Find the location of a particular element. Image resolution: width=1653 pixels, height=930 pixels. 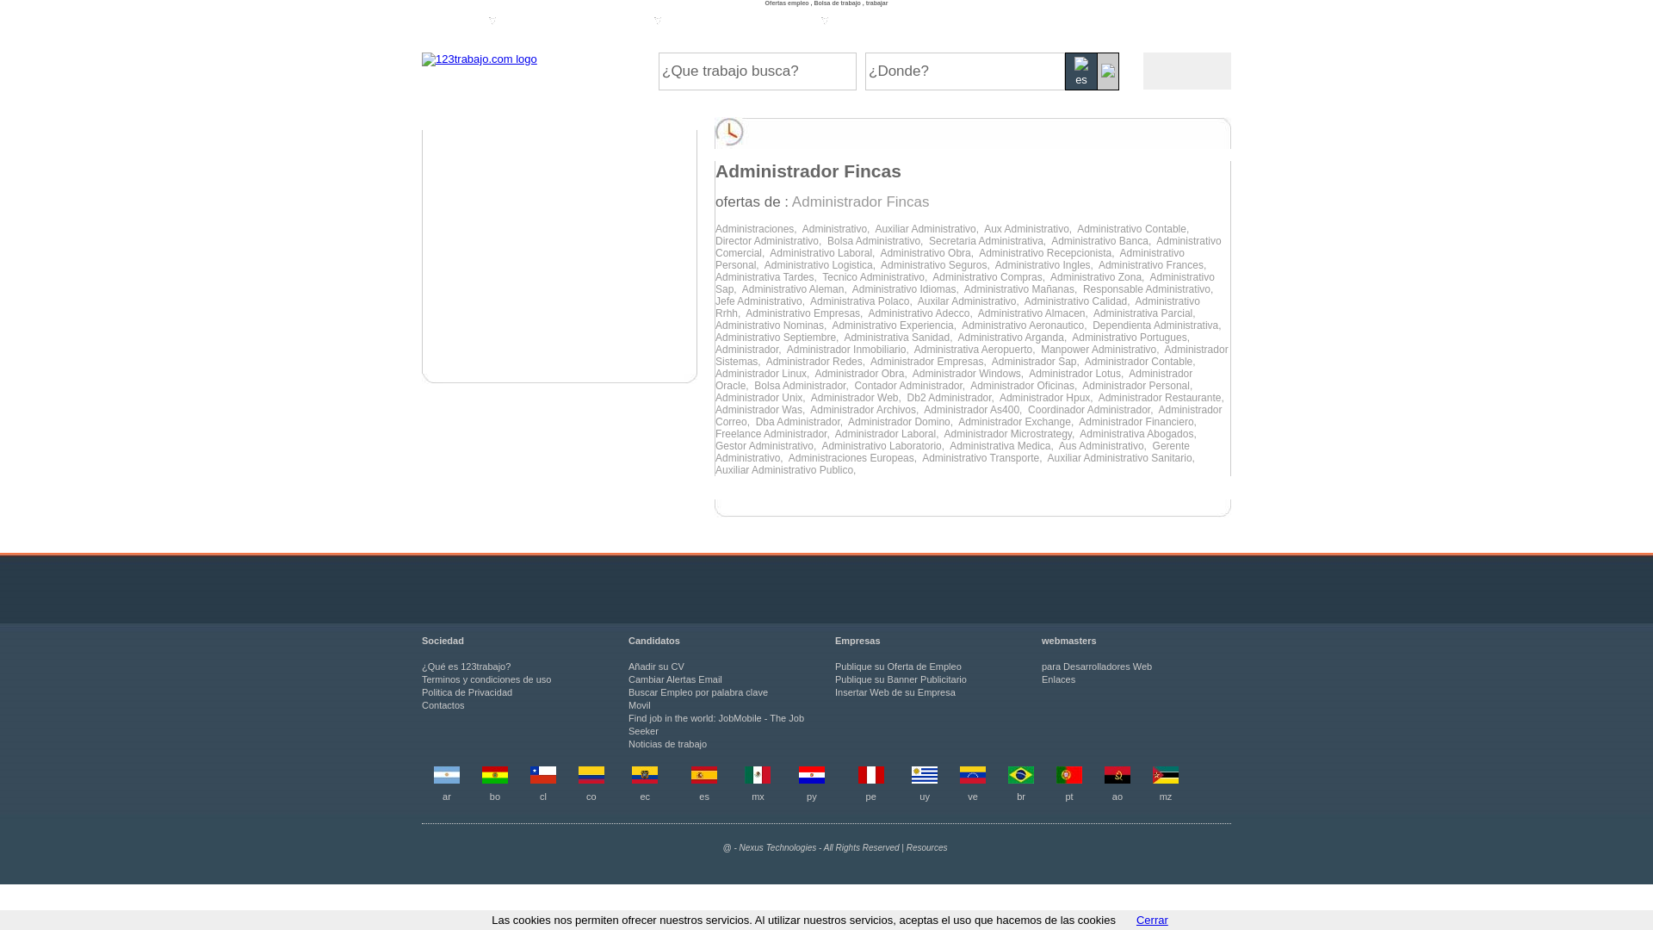

'Gestor Administrativo, ' is located at coordinates (767, 444).